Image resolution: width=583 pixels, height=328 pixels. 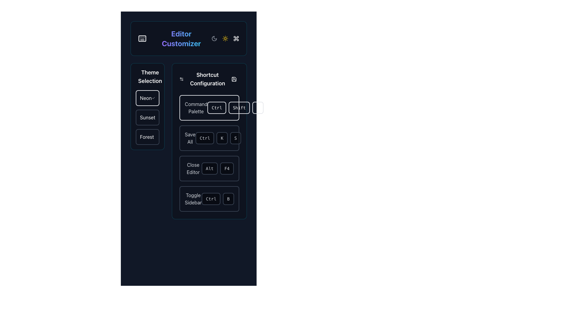 I want to click on the text label that describes the action for closing the editor, located in the 'Shortcut Configuration' section, so click(x=193, y=169).